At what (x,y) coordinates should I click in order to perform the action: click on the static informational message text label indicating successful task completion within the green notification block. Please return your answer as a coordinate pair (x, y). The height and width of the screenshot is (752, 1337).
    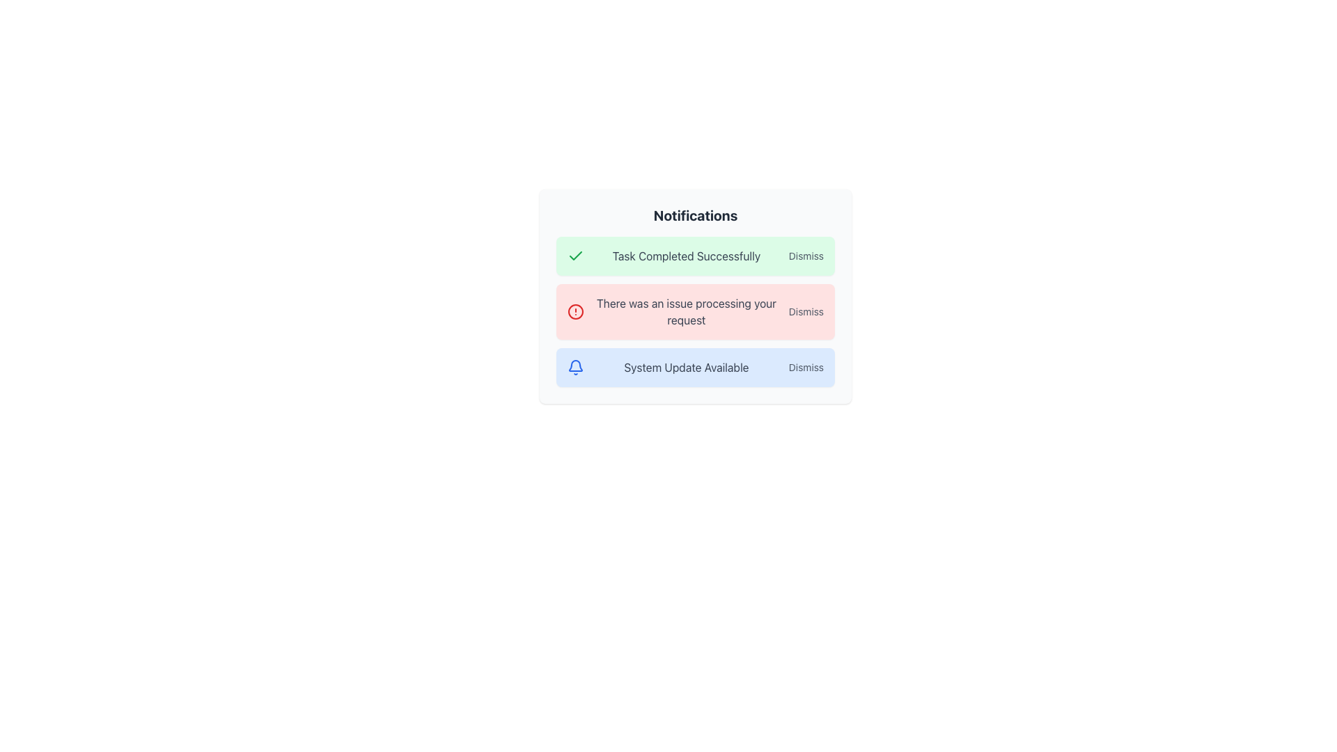
    Looking at the image, I should click on (686, 256).